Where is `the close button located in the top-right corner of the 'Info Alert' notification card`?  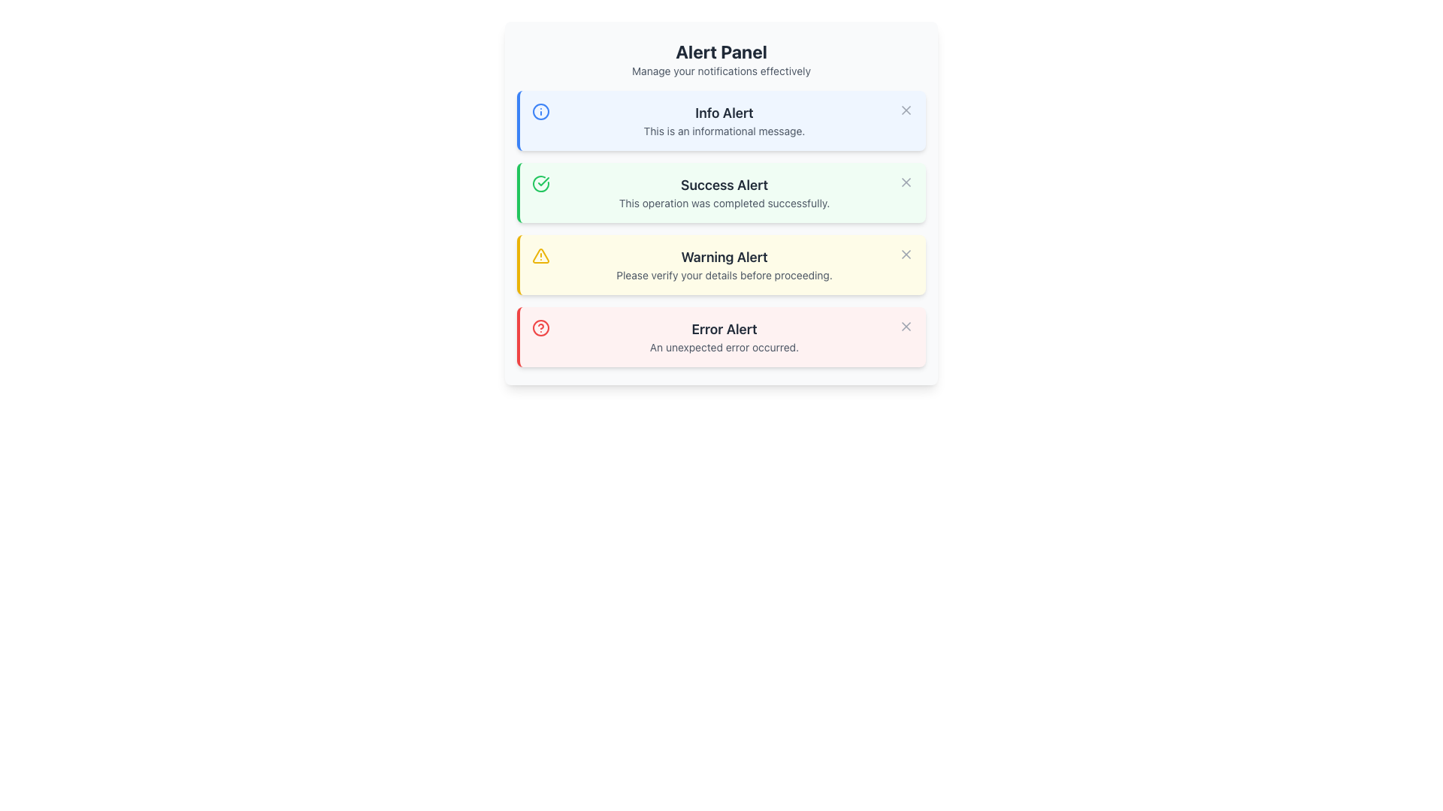
the close button located in the top-right corner of the 'Info Alert' notification card is located at coordinates (905, 109).